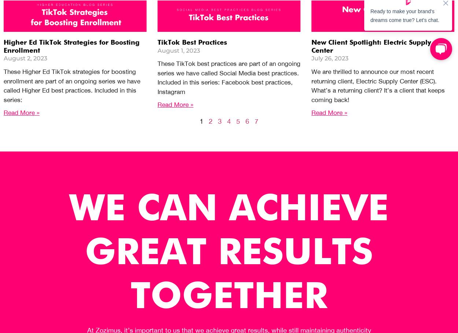 The width and height of the screenshot is (458, 333). Describe the element at coordinates (202, 121) in the screenshot. I see `'1'` at that location.